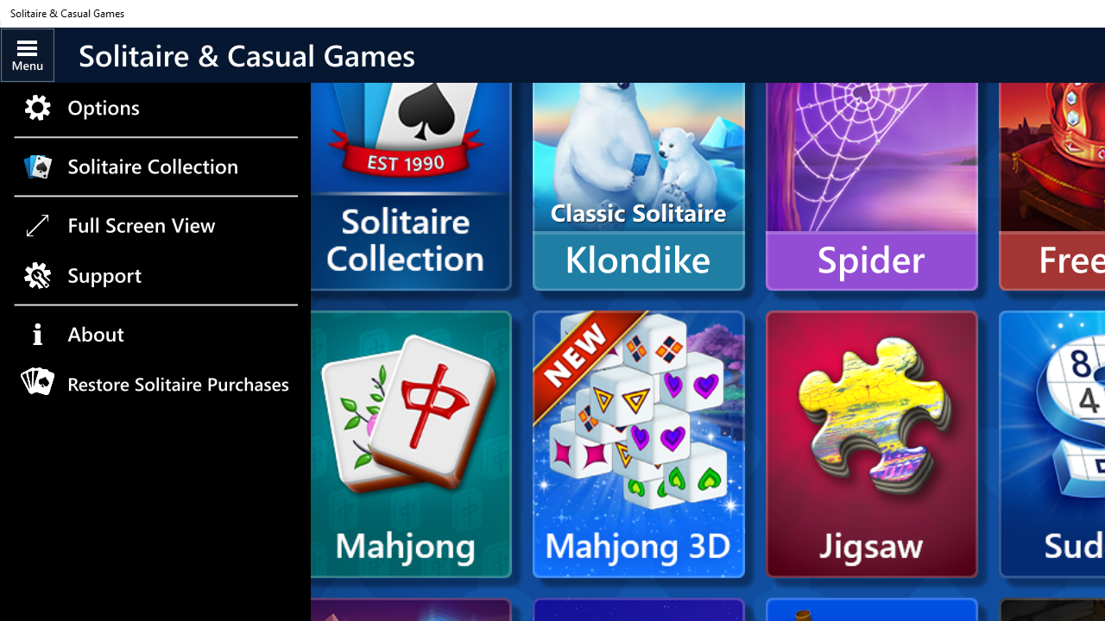 The height and width of the screenshot is (621, 1105). What do you see at coordinates (155, 107) in the screenshot?
I see `'Options'` at bounding box center [155, 107].